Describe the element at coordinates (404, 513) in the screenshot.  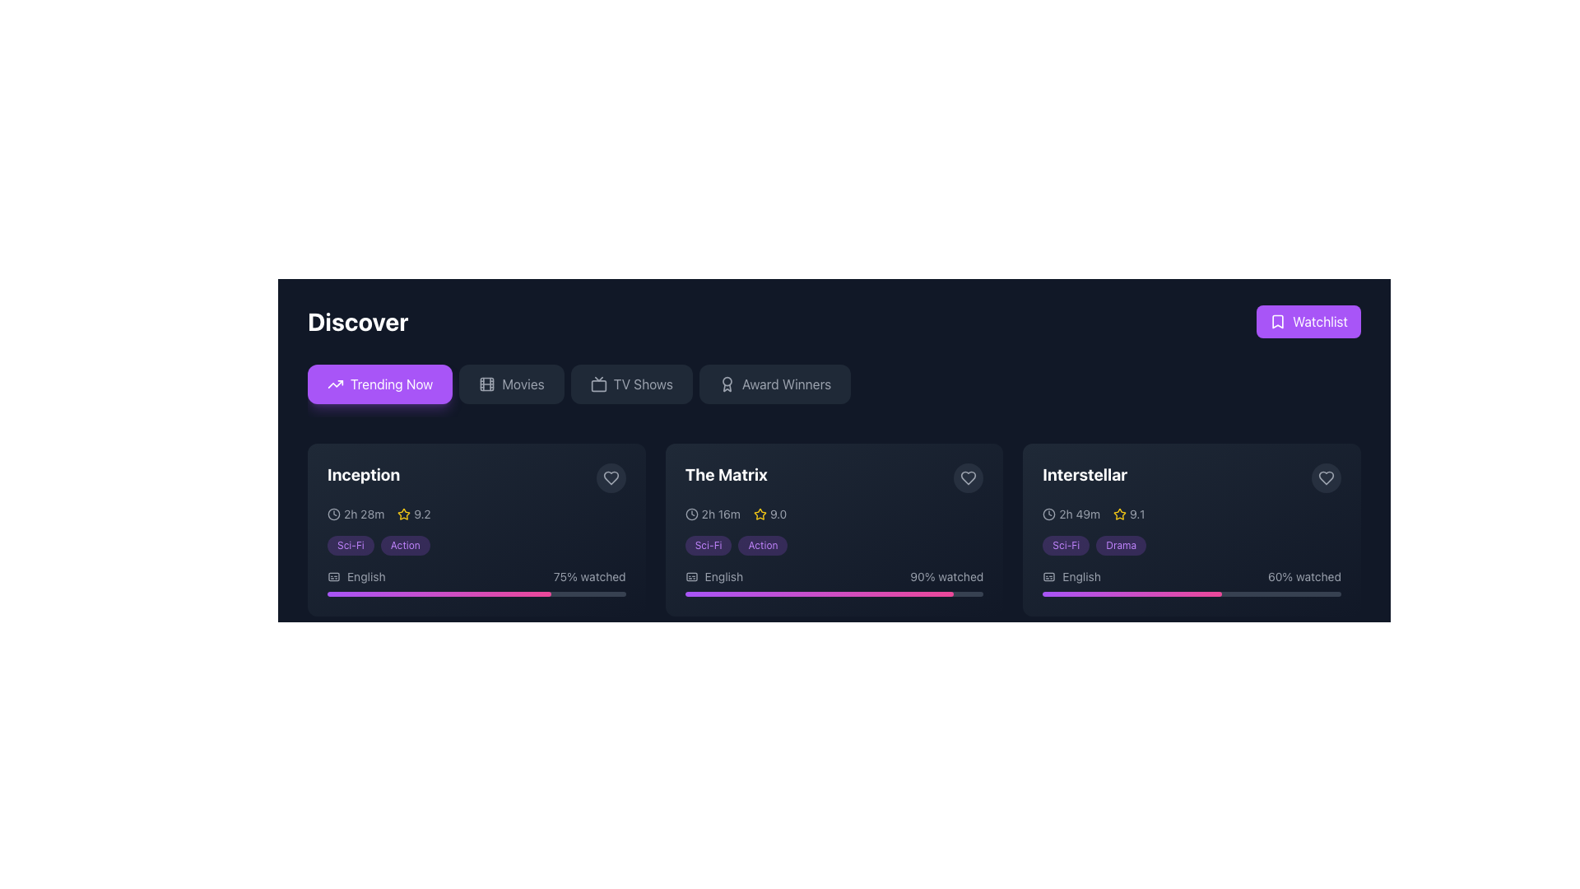
I see `the star icon indicating the rating for 'Inception', which is located at the top-center of the card and slightly to the right of the title` at that location.